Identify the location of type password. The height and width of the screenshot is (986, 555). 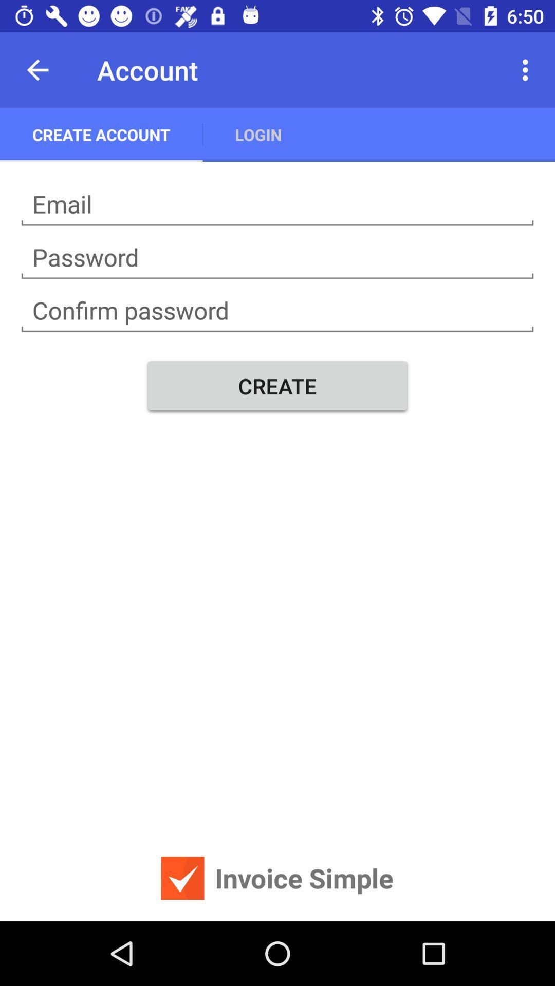
(277, 257).